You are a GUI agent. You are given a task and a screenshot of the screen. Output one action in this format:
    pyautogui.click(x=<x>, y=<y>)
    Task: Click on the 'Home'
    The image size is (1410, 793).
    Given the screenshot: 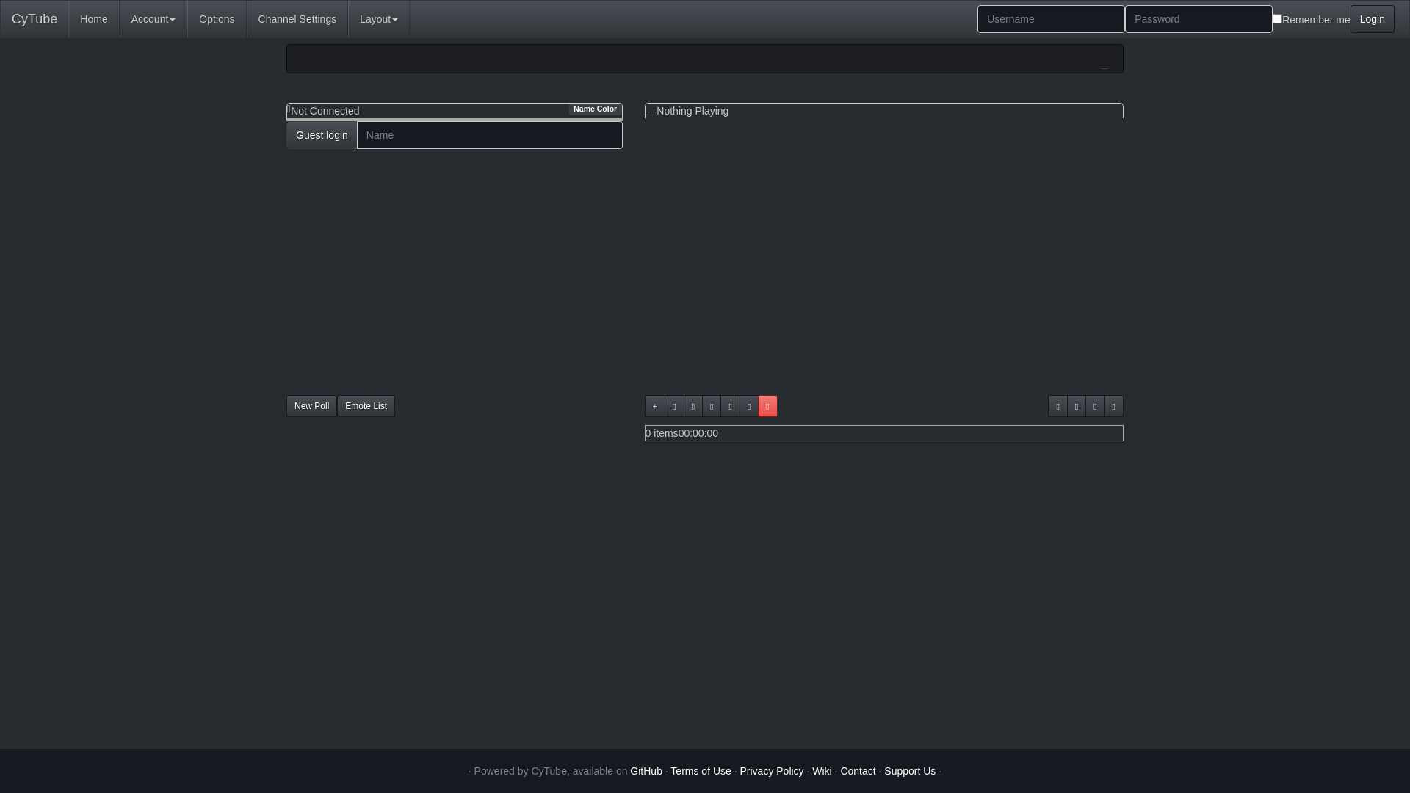 What is the action you would take?
    pyautogui.click(x=93, y=19)
    